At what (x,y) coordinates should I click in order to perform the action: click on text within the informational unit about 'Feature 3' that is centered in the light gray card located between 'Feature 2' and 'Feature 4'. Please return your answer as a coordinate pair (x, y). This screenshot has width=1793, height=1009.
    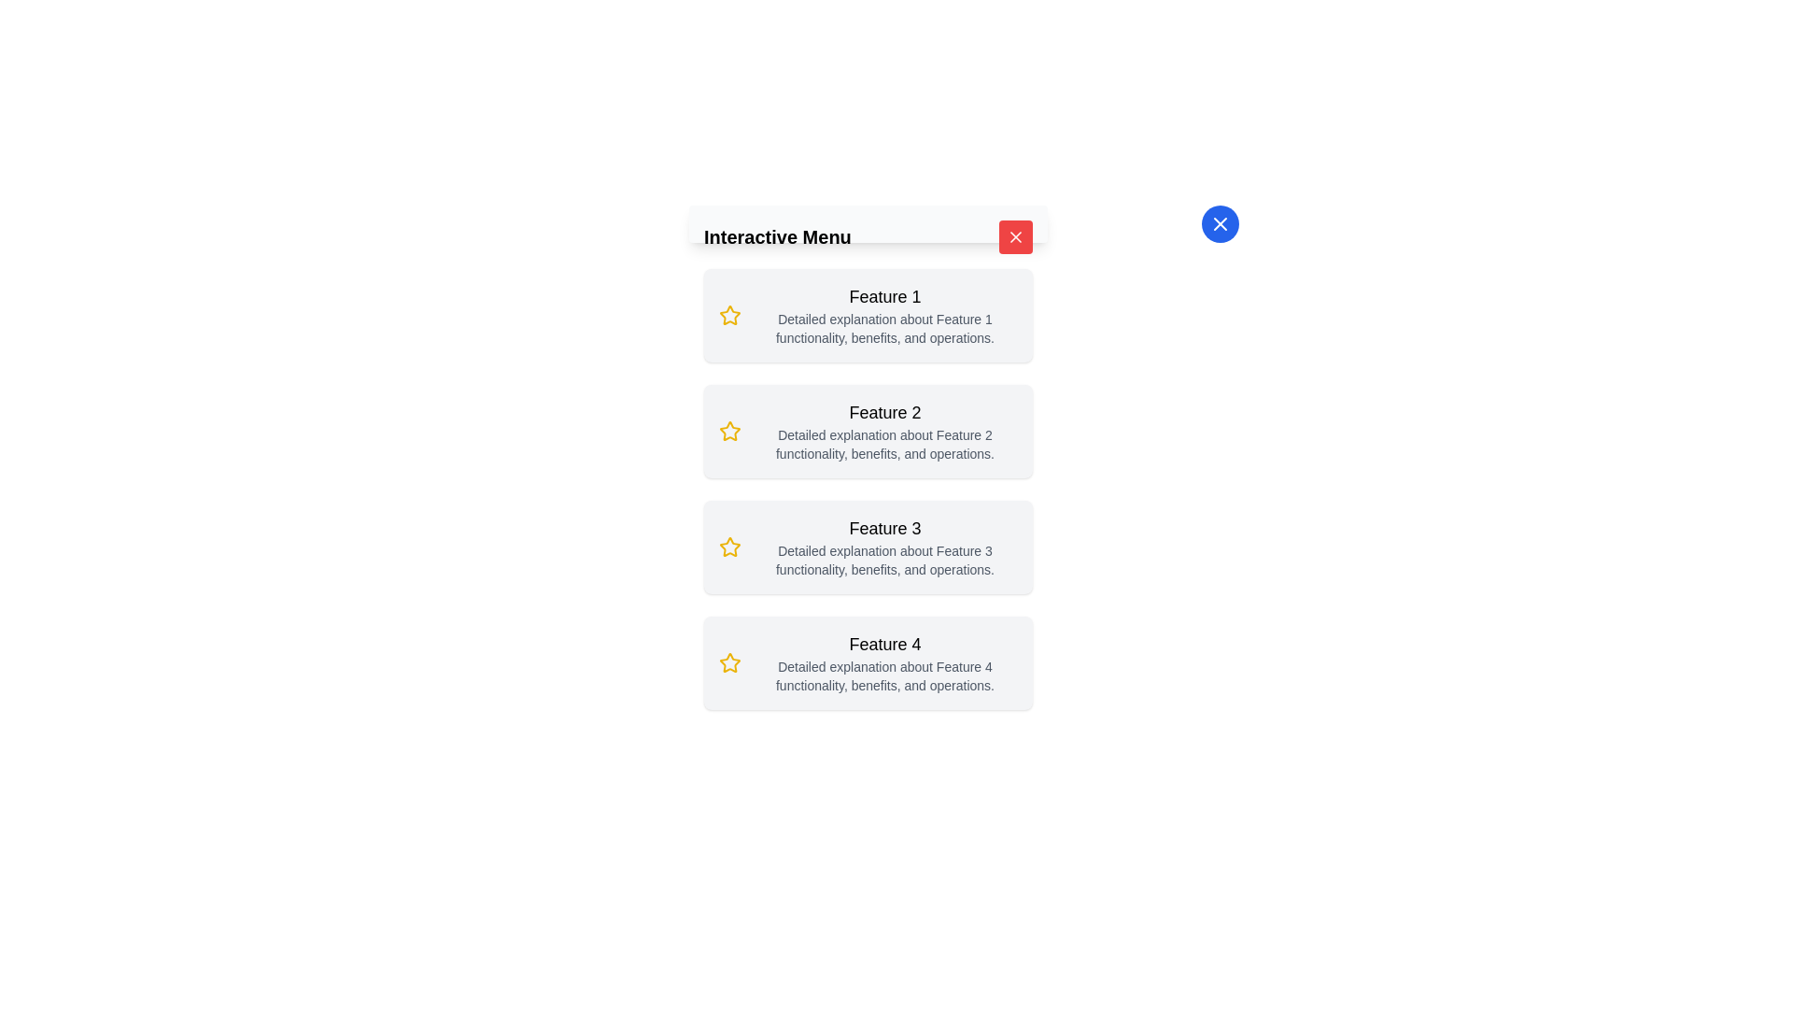
    Looking at the image, I should click on (884, 547).